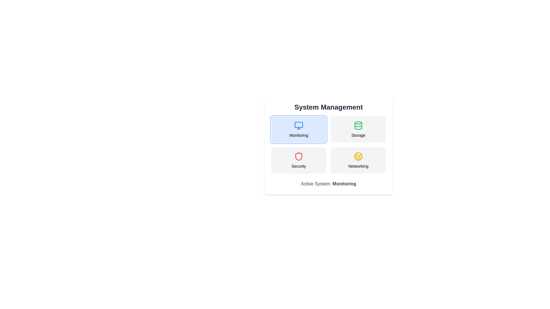 The height and width of the screenshot is (309, 550). What do you see at coordinates (358, 160) in the screenshot?
I see `the button corresponding to the system category Networking` at bounding box center [358, 160].